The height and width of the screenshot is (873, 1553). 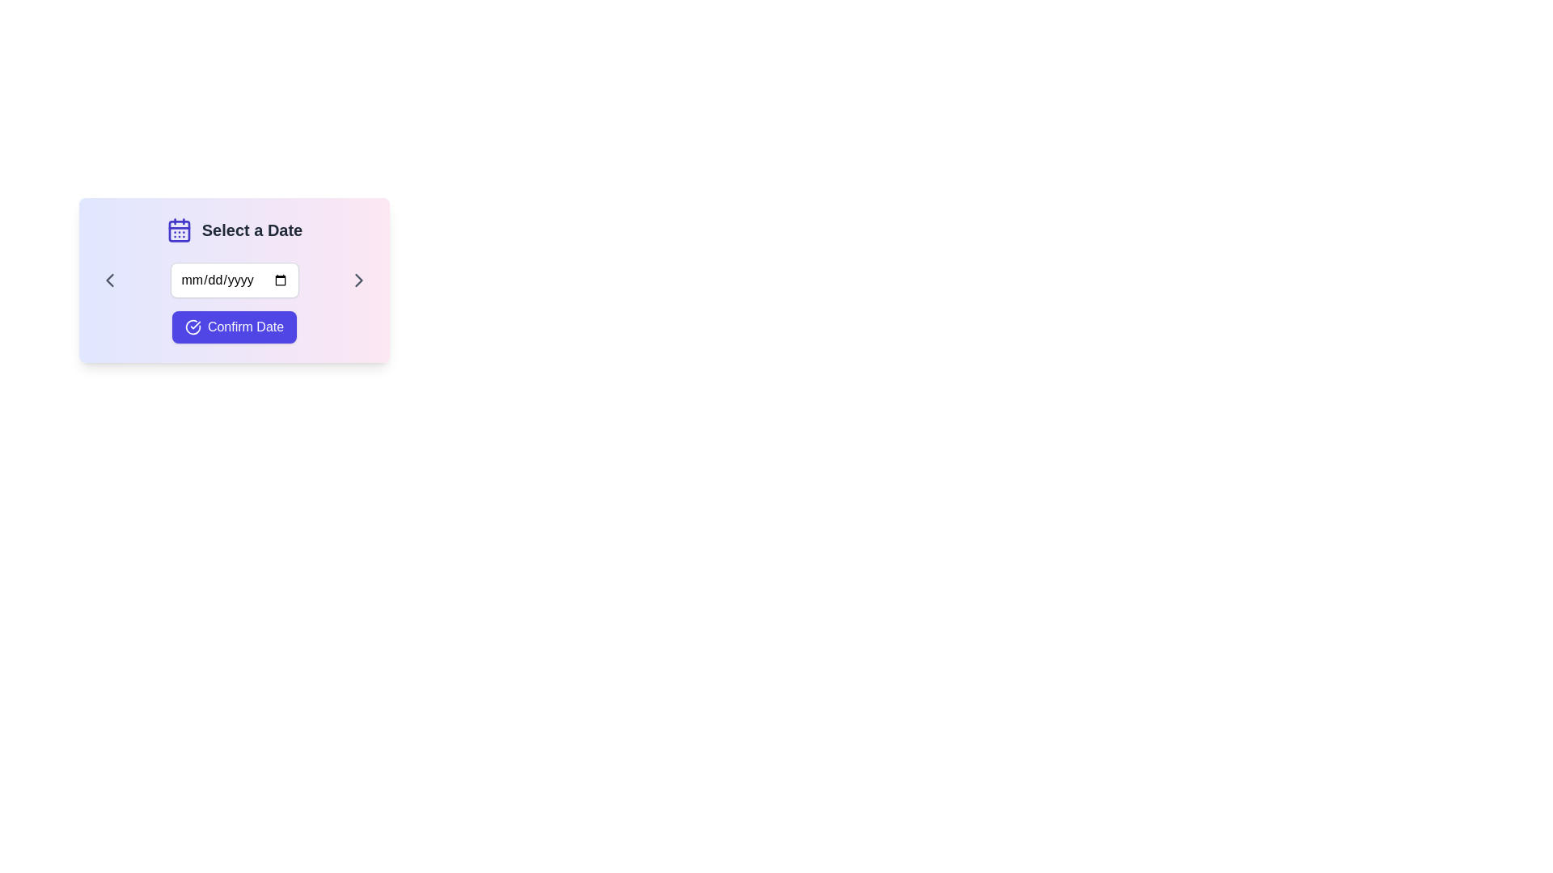 What do you see at coordinates (252, 230) in the screenshot?
I see `the static text label indicating context for date selection, which is aligned to the right of the calendar icon and positioned above the date input section` at bounding box center [252, 230].